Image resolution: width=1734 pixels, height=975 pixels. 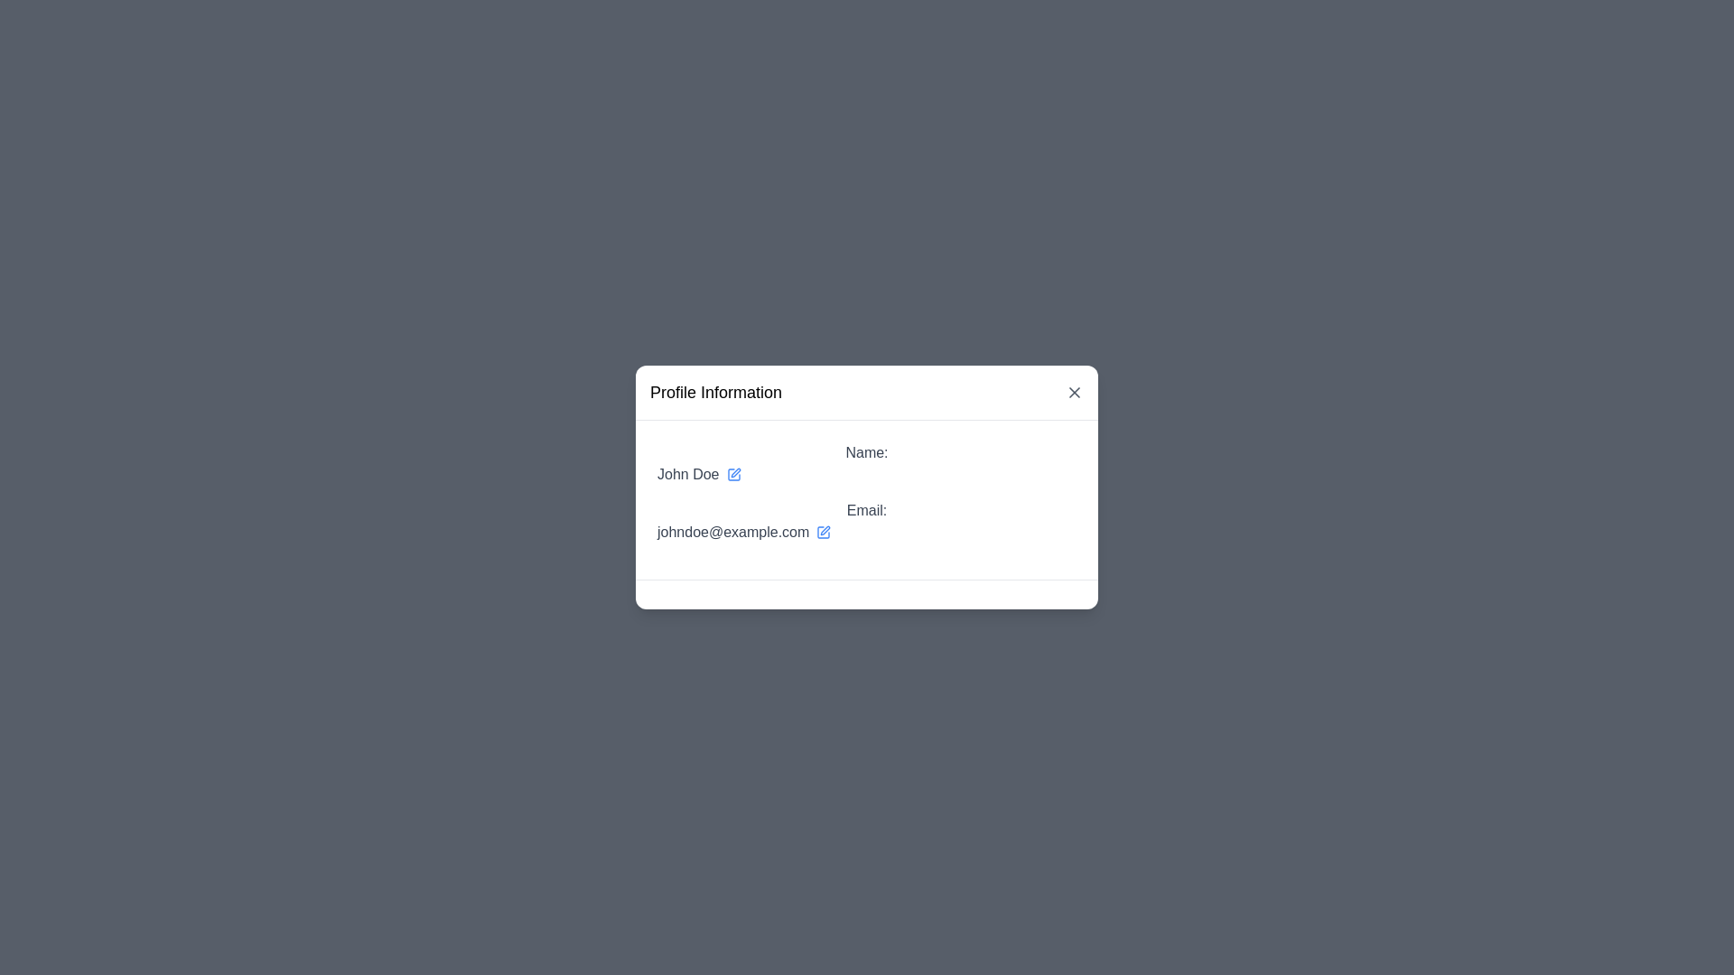 What do you see at coordinates (825, 529) in the screenshot?
I see `the editable email icon located near the bottom right of the dialog box, adjacent to the email address 'johndoe@example.com'` at bounding box center [825, 529].